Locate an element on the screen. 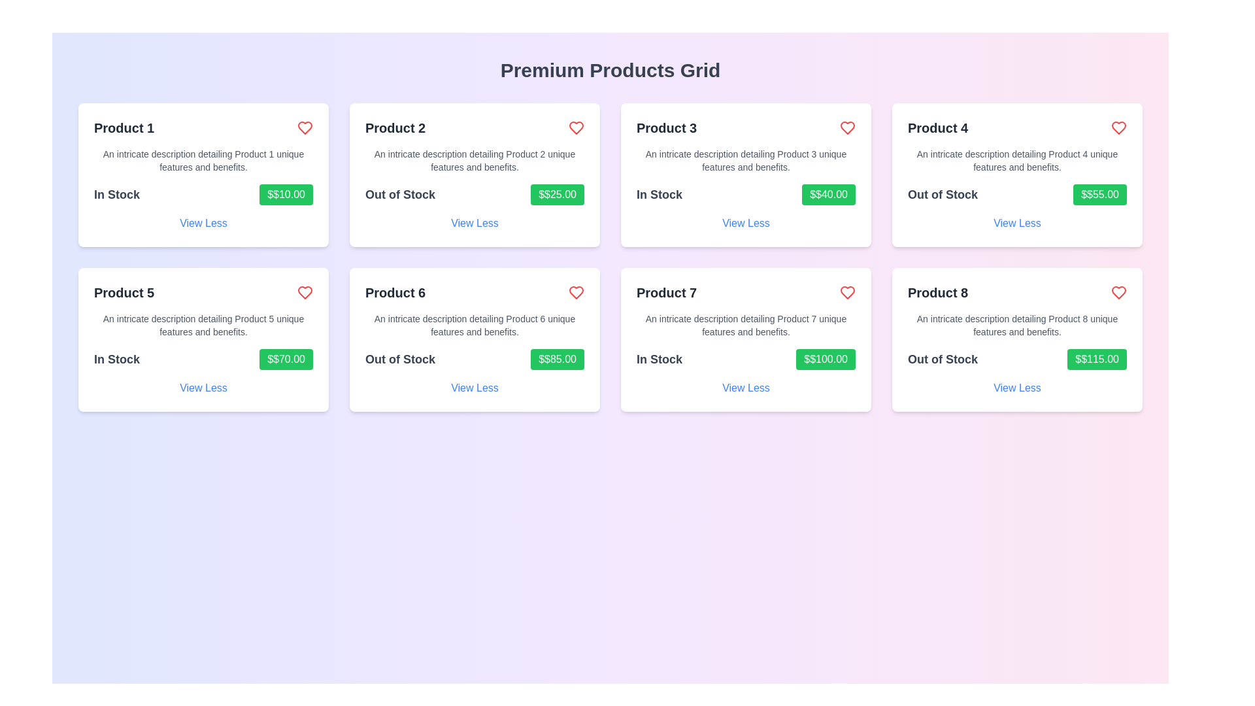 Image resolution: width=1255 pixels, height=706 pixels. the red heart-shaped icon button in the top-right corner of the 'Product 3' card is located at coordinates (847, 128).